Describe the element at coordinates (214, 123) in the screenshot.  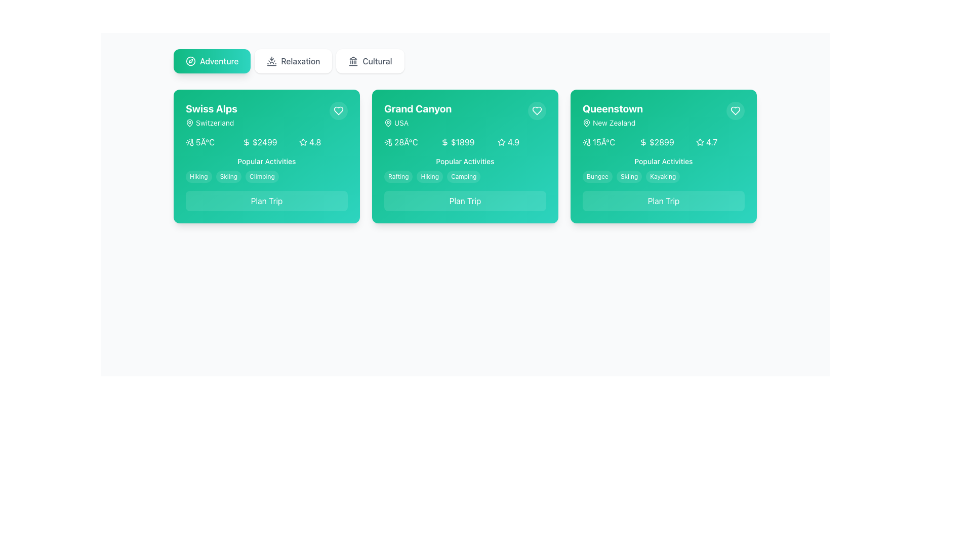
I see `the Text label indicating the country associated with the card's content, which follows the pin-shaped icon and is part of the 'Swiss Alps' card in the first column of a three-column layout` at that location.